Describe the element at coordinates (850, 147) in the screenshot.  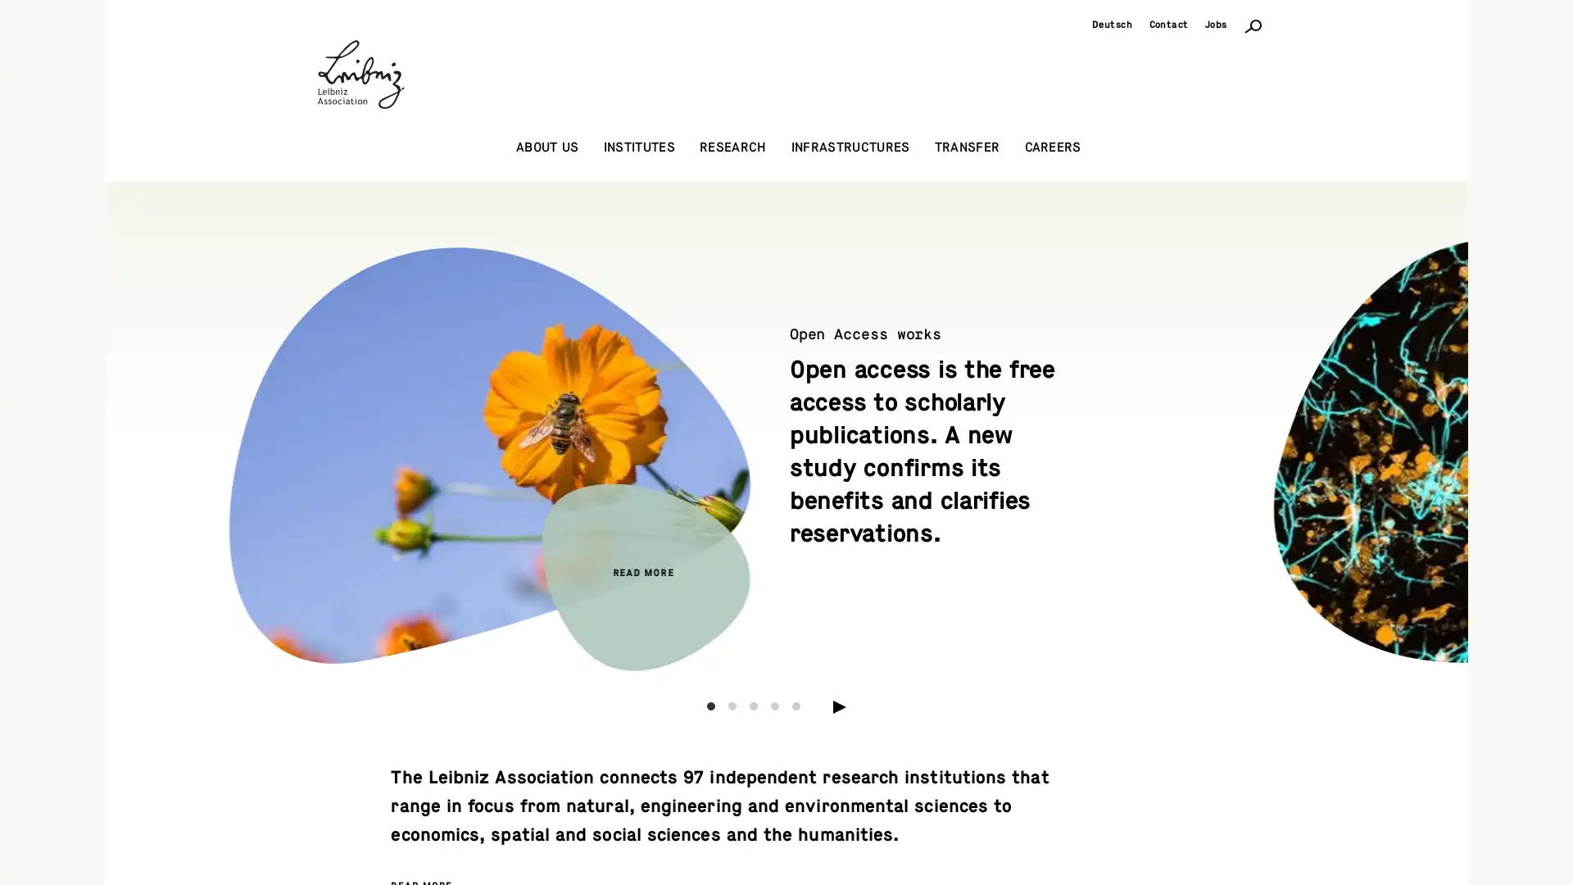
I see `INFRASTRUCTURES` at that location.